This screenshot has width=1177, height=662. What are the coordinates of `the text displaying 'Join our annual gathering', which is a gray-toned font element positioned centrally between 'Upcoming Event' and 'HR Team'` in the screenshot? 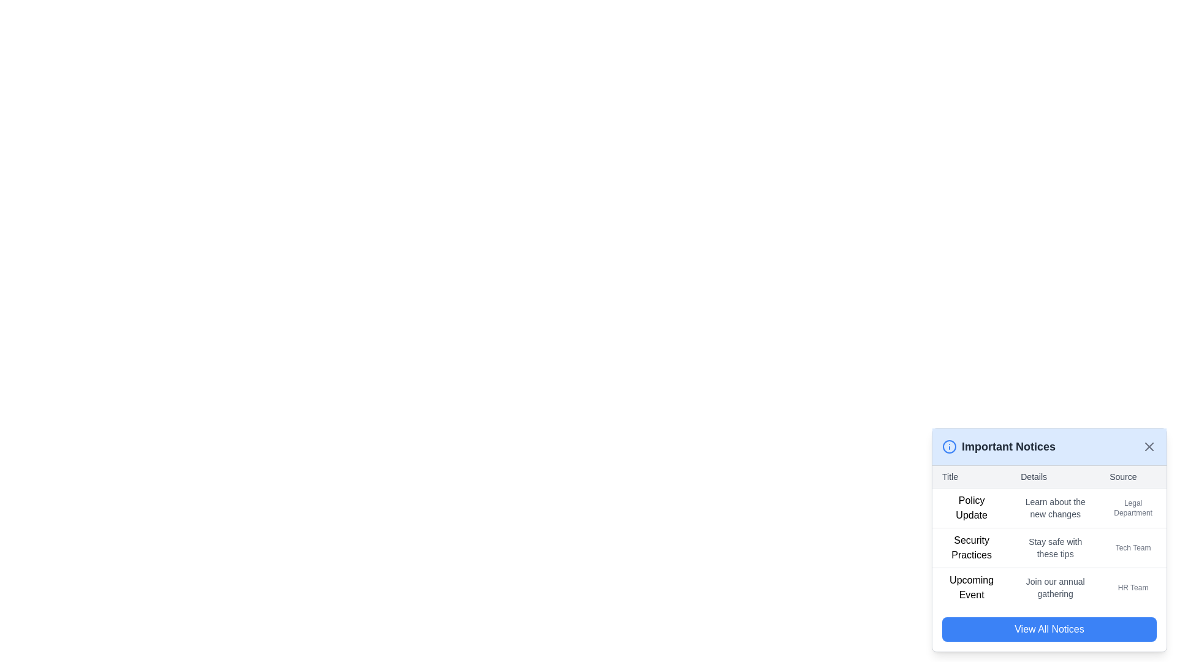 It's located at (1054, 587).